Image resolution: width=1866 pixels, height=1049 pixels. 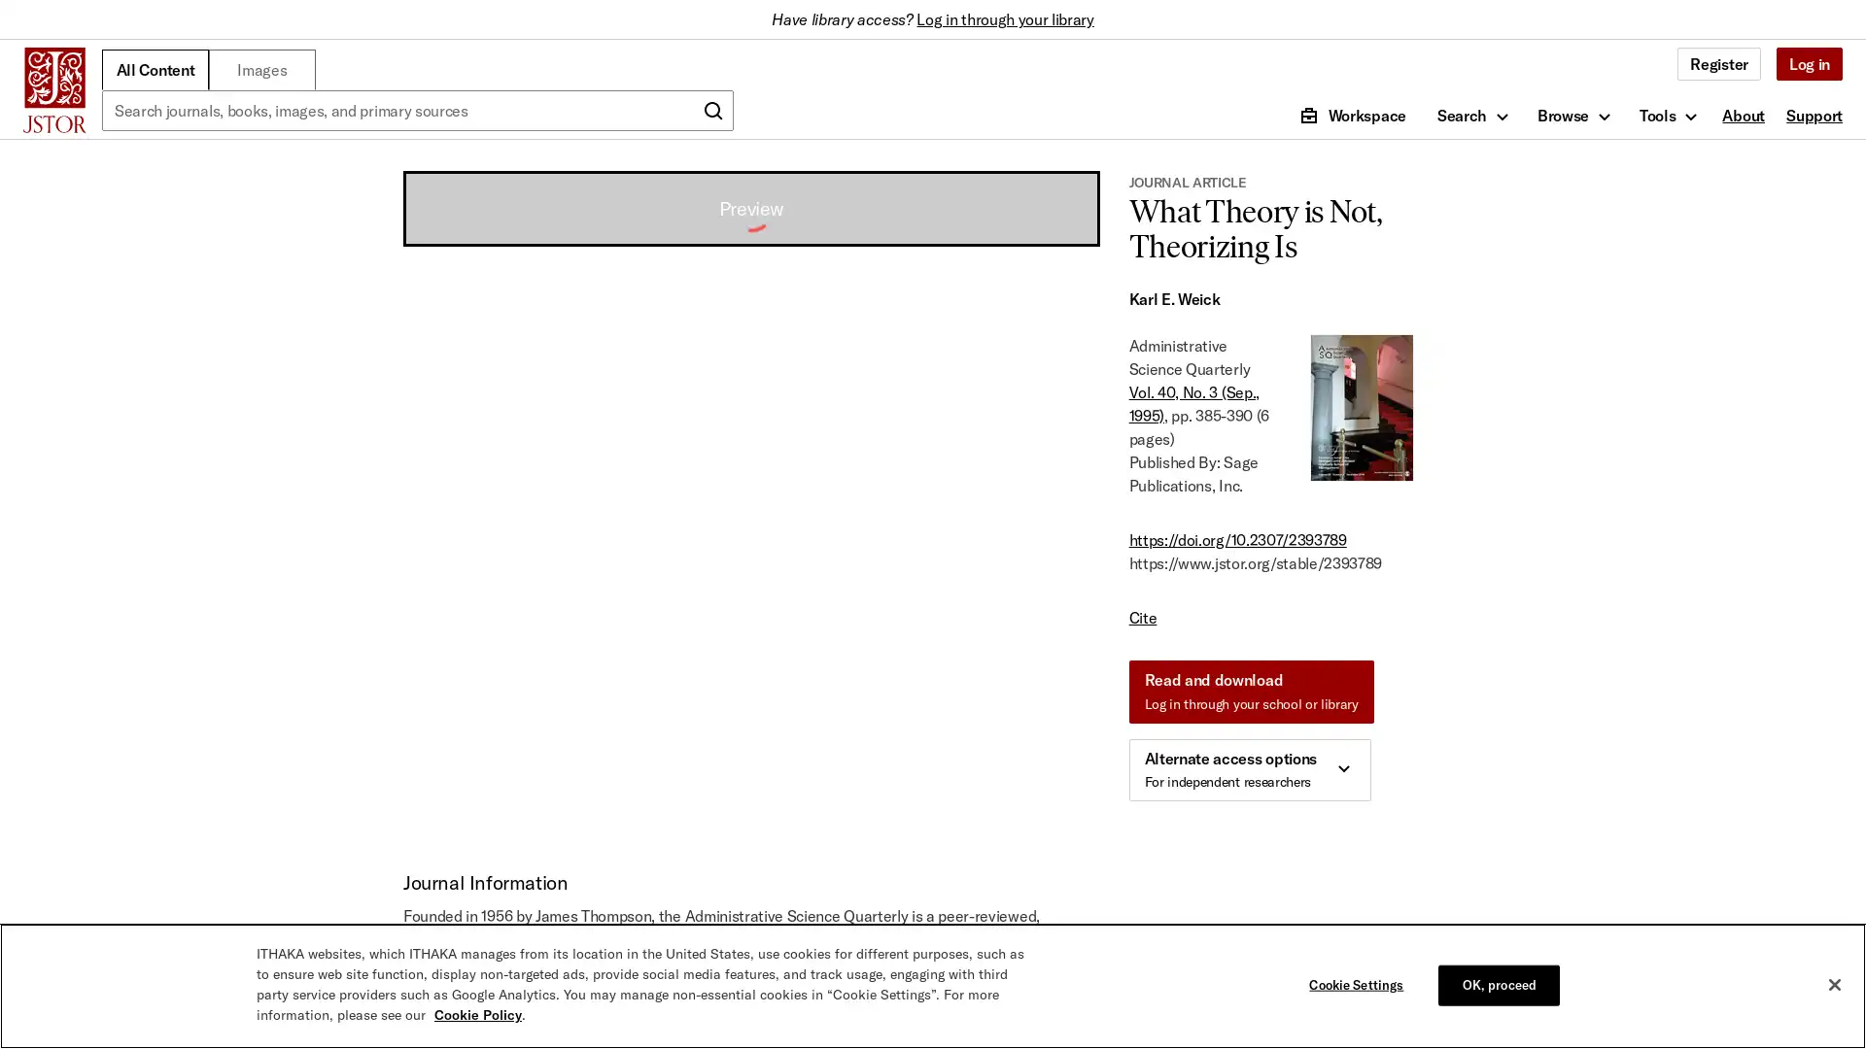 What do you see at coordinates (1498, 985) in the screenshot?
I see `OK, proceed` at bounding box center [1498, 985].